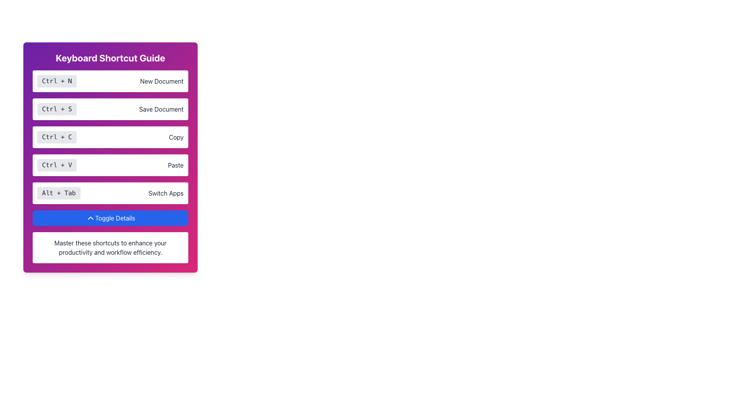 The height and width of the screenshot is (420, 747). What do you see at coordinates (161, 109) in the screenshot?
I see `the text label indicating the 'Ctrl + S' keyboard shortcut, which describes the action to save the document` at bounding box center [161, 109].